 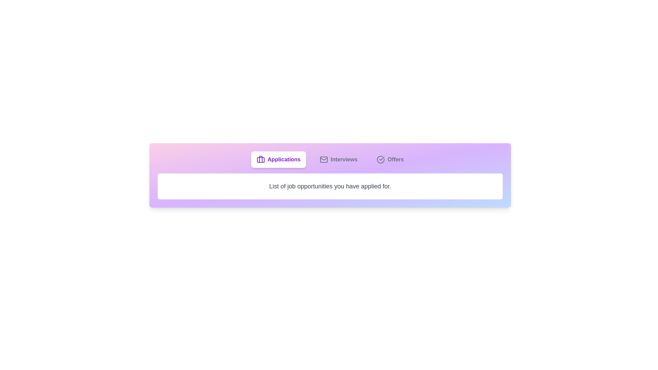 What do you see at coordinates (278, 160) in the screenshot?
I see `the Applications tab to observe its hover effect` at bounding box center [278, 160].